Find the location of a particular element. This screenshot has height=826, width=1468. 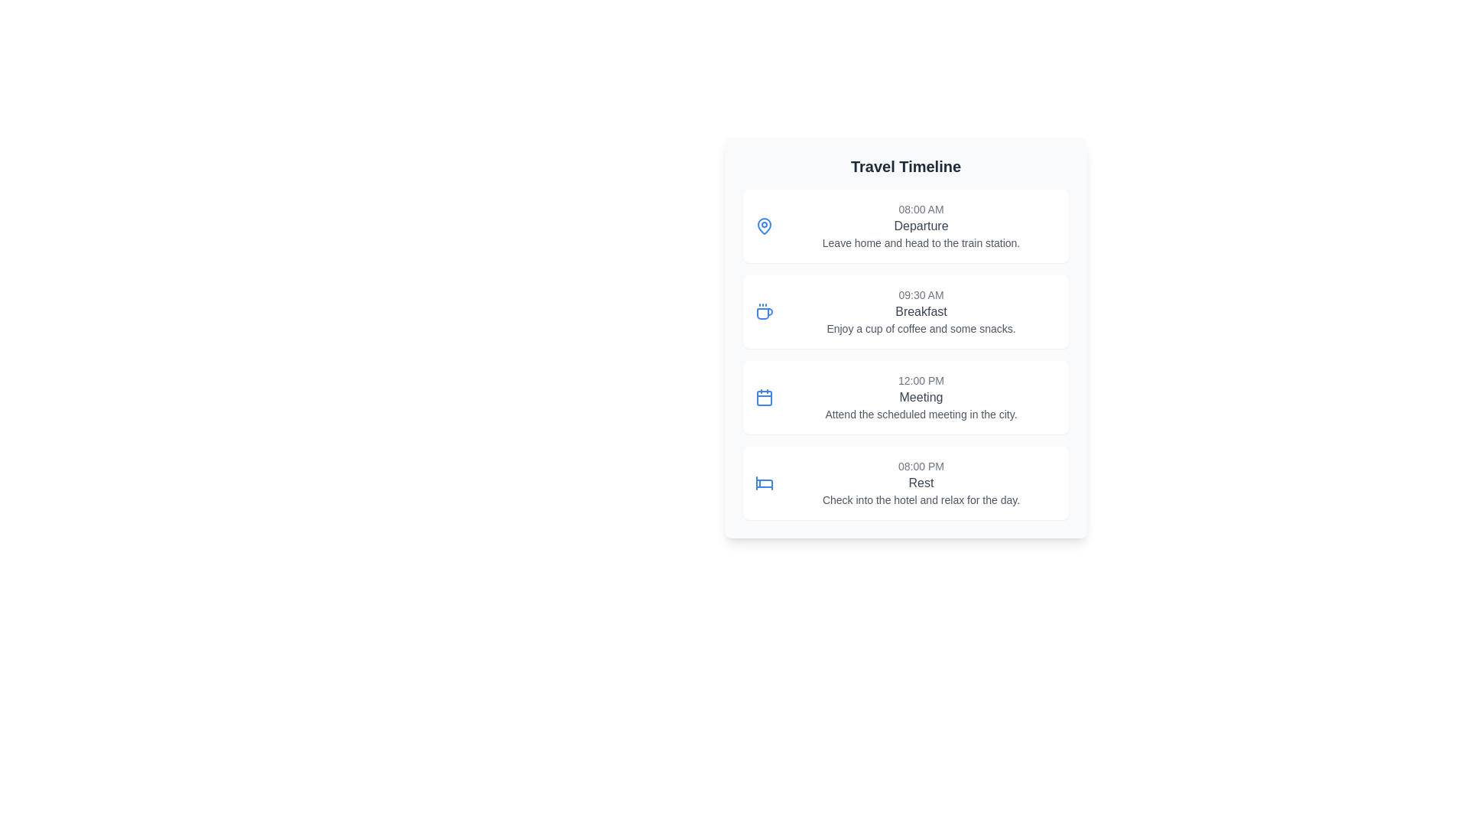

the third item card in the Travel Timeline list, which includes a blue calendar icon and the title 'Meeting' is located at coordinates (906, 397).